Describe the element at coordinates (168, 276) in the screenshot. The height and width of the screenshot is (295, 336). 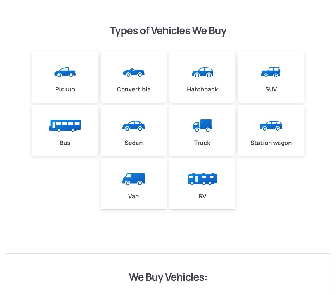
I see `'We Buy Vehicles:'` at that location.